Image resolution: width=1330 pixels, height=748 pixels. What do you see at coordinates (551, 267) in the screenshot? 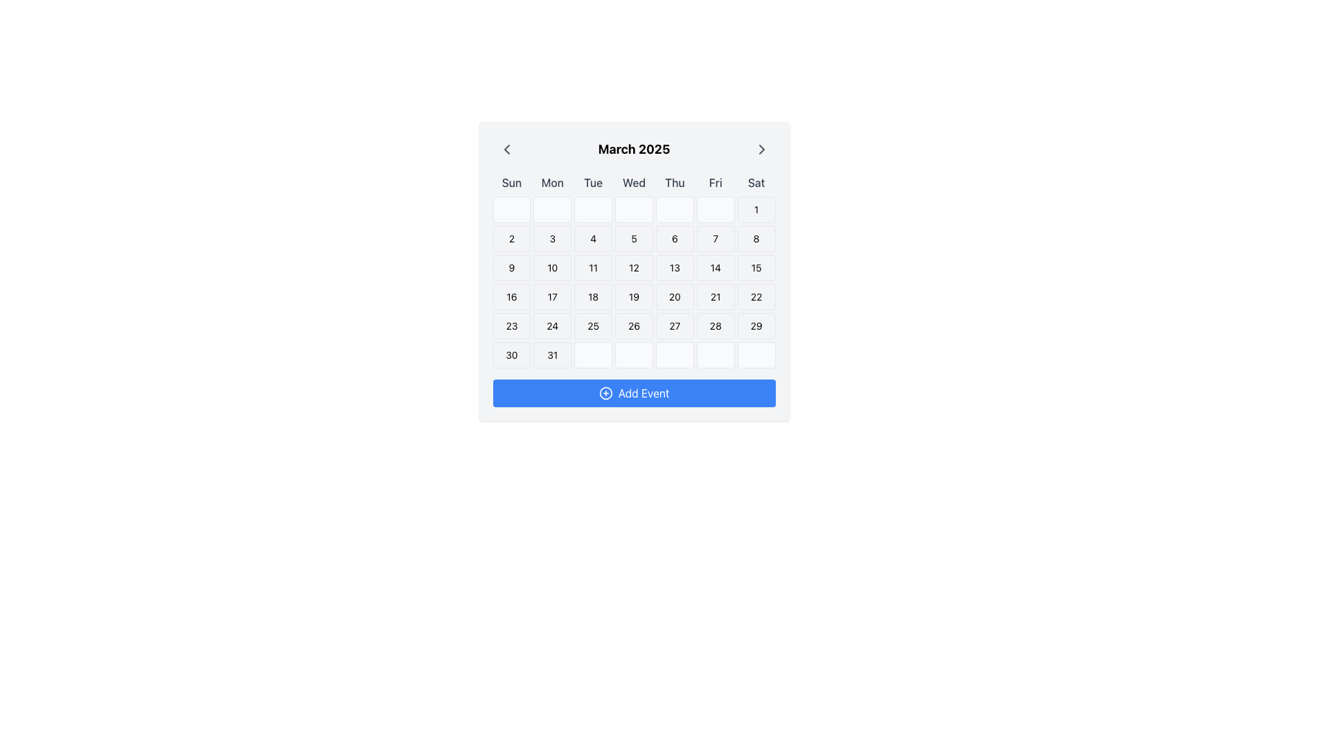
I see `the calendar day cell displaying the number '10', which is the fifth cell in the third row of the calendar grid` at bounding box center [551, 267].